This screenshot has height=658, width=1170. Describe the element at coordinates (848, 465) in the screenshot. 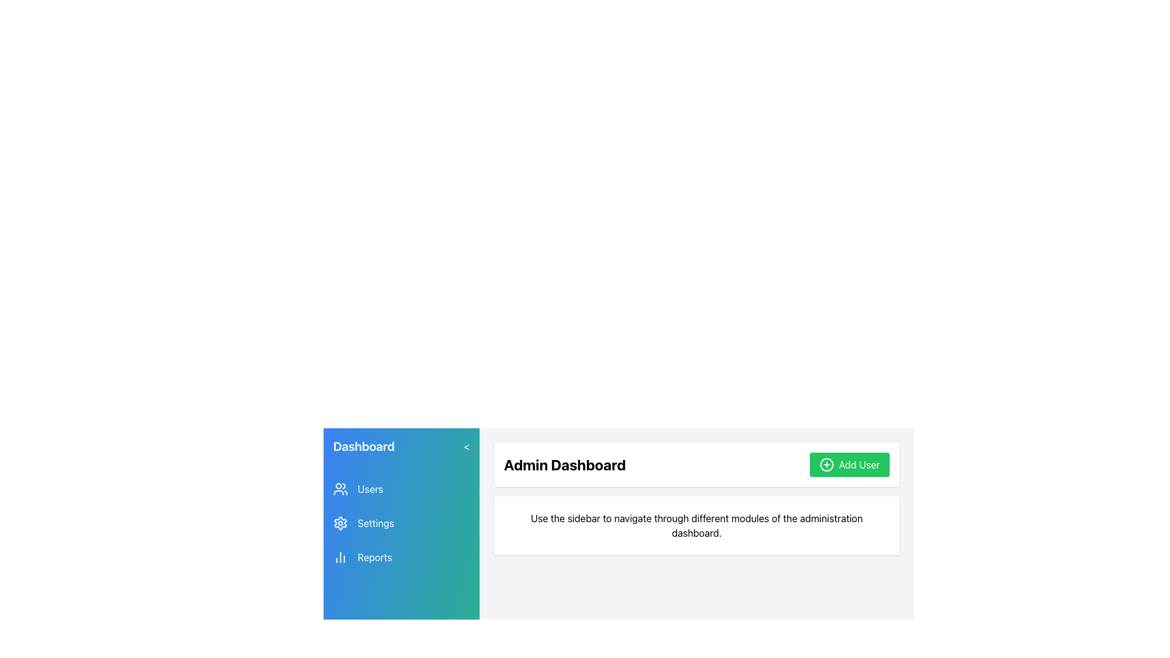

I see `the button located in the top-right corner of the 'Admin Dashboard' section to initiate the process of adding a new user` at that location.